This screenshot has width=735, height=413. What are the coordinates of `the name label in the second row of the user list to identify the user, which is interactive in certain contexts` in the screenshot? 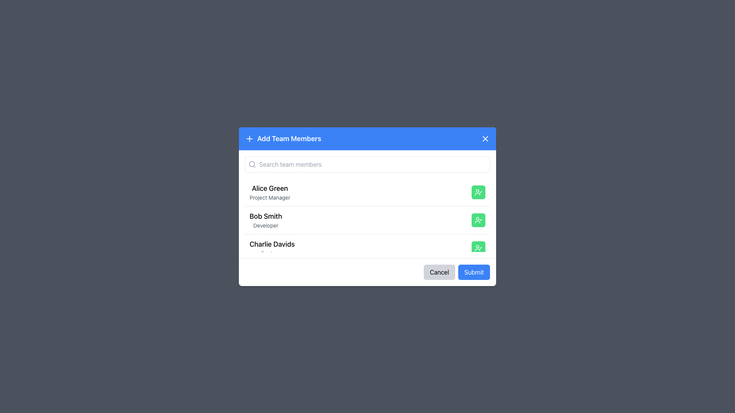 It's located at (266, 216).